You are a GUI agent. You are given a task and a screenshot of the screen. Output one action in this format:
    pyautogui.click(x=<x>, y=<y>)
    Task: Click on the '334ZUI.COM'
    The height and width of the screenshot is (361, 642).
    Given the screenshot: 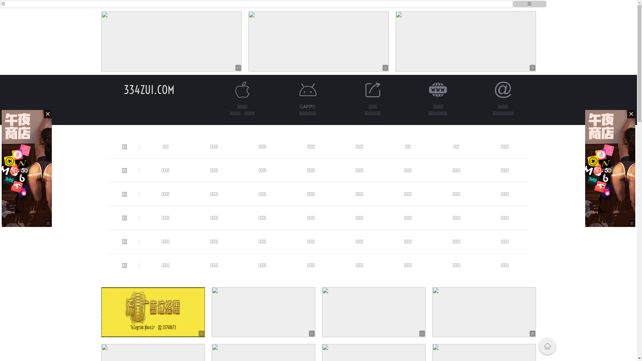 What is the action you would take?
    pyautogui.click(x=123, y=89)
    